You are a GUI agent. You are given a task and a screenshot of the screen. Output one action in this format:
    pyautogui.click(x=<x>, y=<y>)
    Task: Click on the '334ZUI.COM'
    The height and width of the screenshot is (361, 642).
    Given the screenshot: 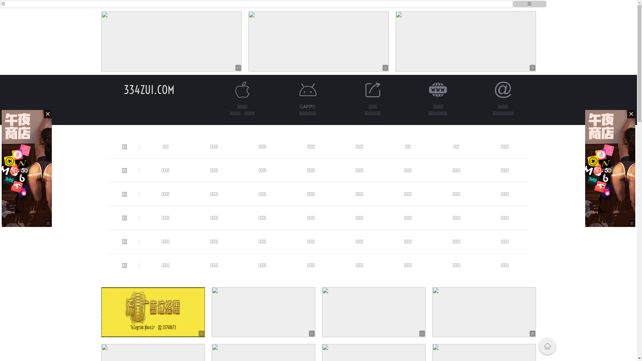 What is the action you would take?
    pyautogui.click(x=123, y=89)
    